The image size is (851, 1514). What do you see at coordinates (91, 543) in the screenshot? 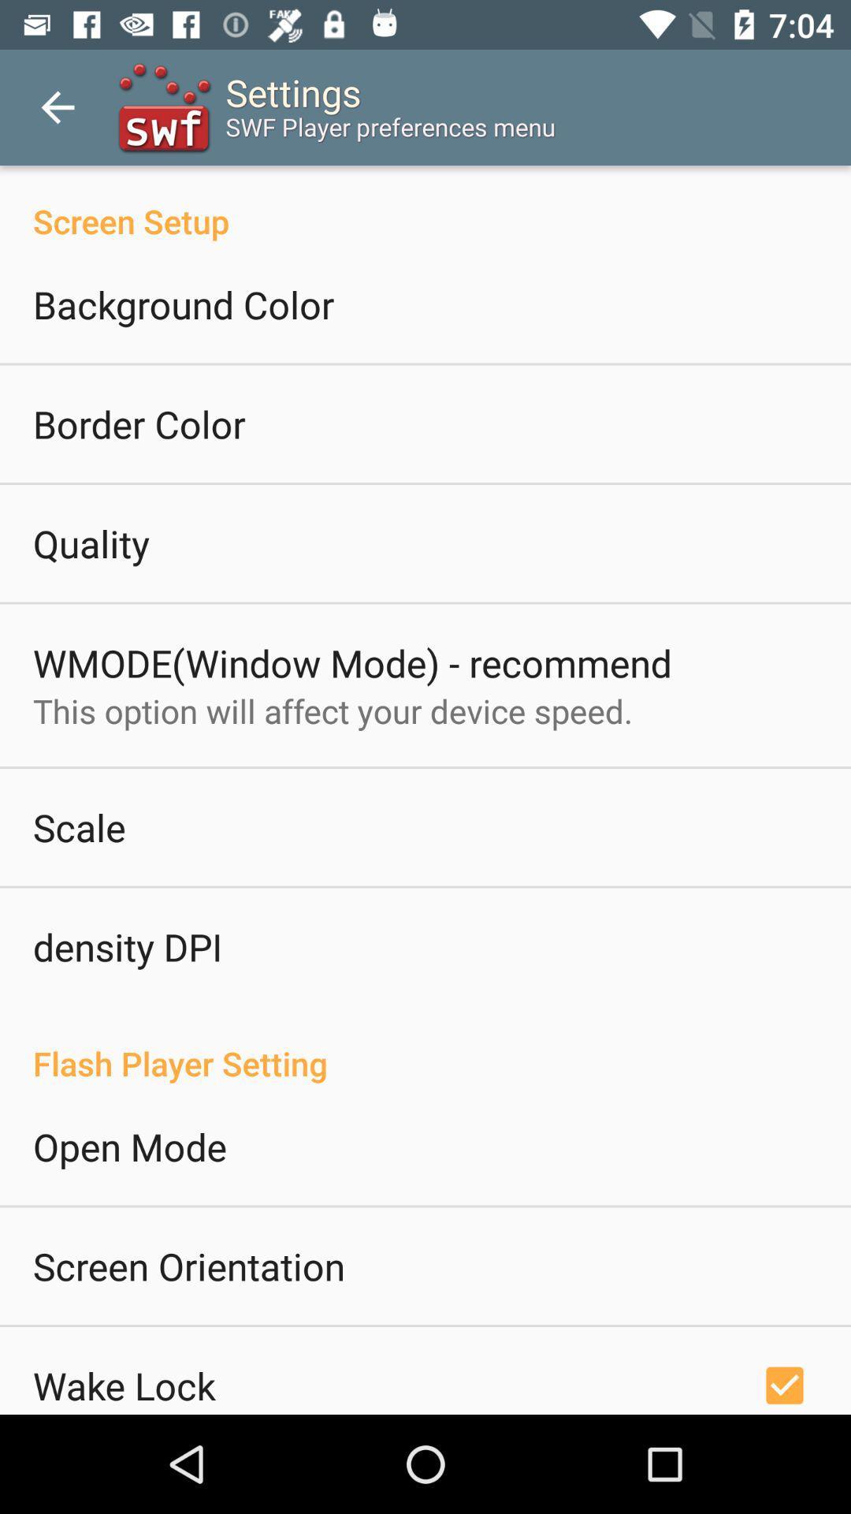
I see `quality` at bounding box center [91, 543].